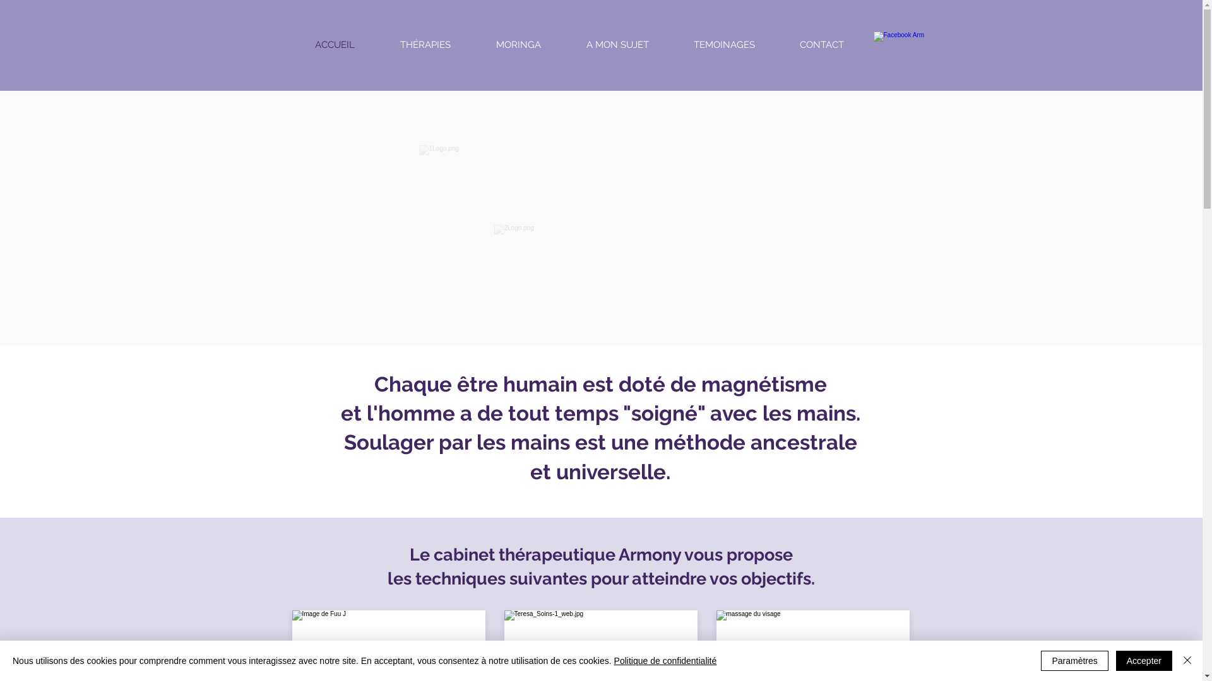 This screenshot has width=1212, height=681. I want to click on 'MORINGA', so click(518, 44).